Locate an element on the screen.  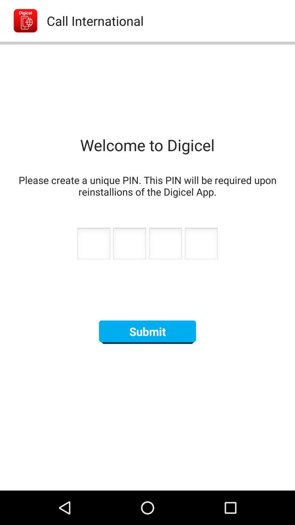
the first text for a unique pin is located at coordinates (93, 245).